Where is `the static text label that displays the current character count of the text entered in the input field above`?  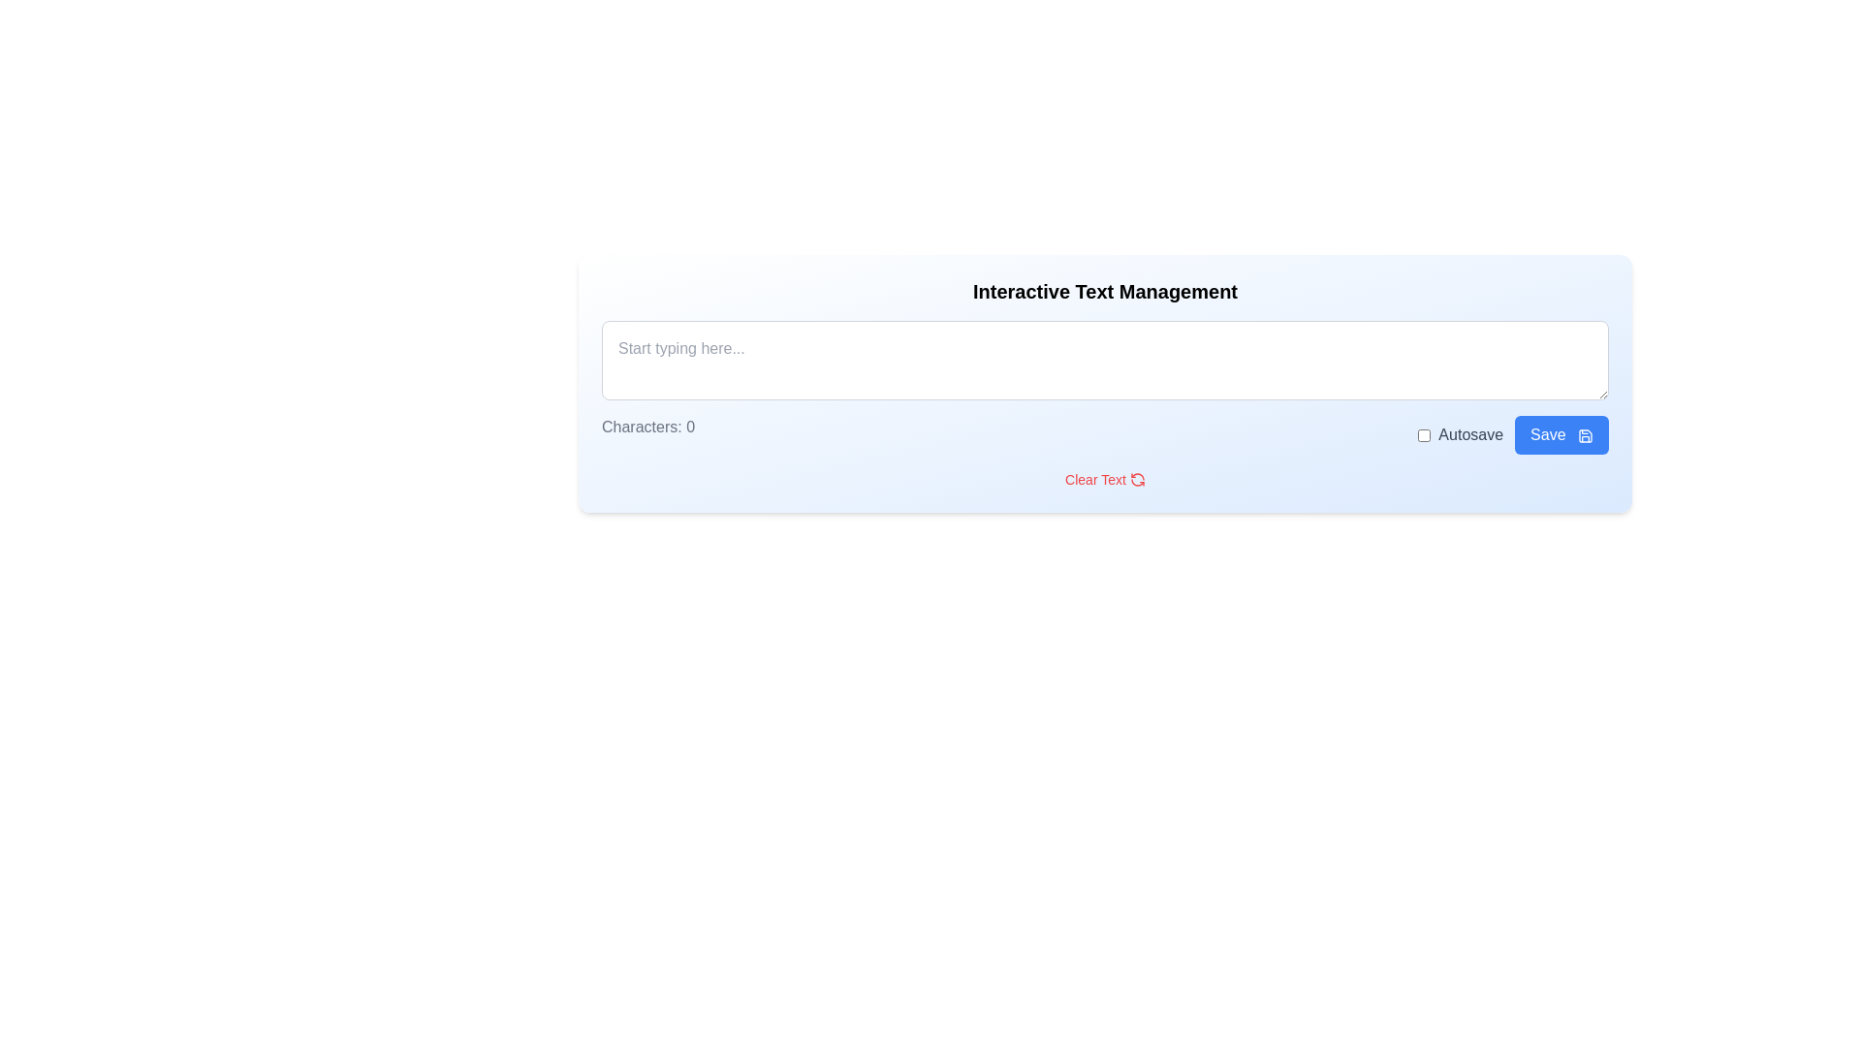
the static text label that displays the current character count of the text entered in the input field above is located at coordinates (647, 433).